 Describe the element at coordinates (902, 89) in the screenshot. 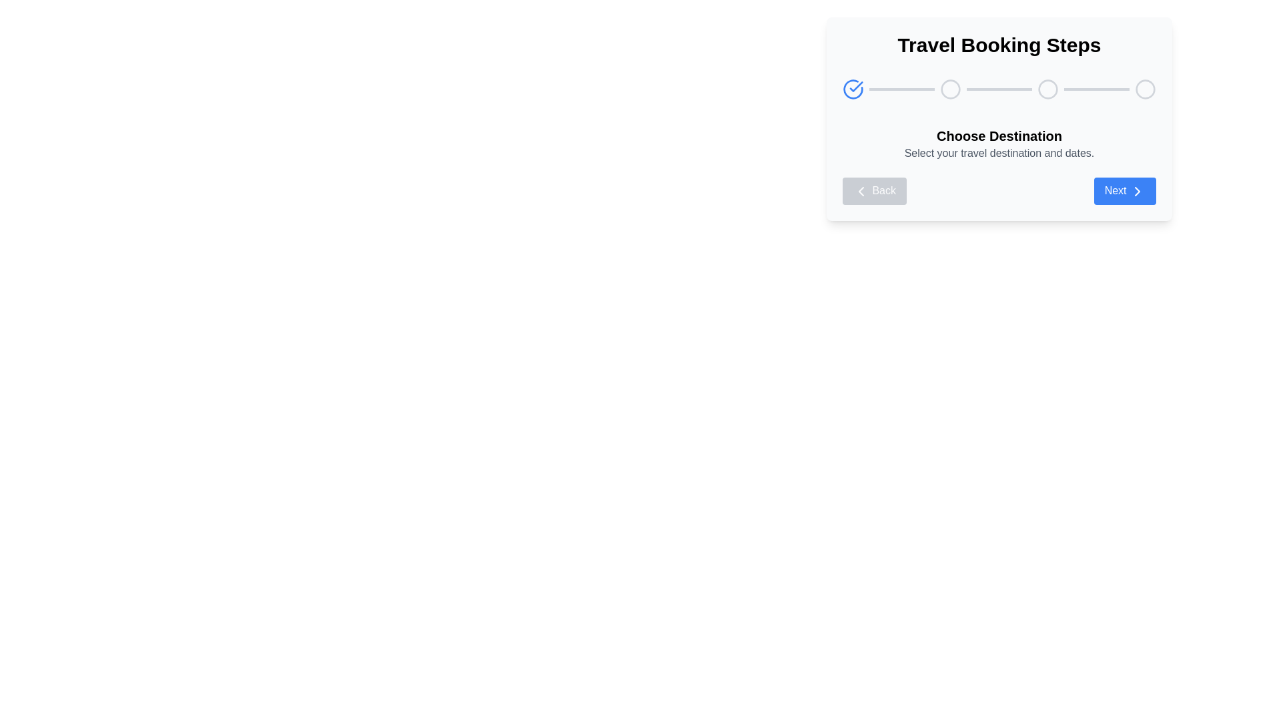

I see `the first progress bar segment in the 'Travel Booking Steps' interface, which features a gray background and a blue progress indicator` at that location.